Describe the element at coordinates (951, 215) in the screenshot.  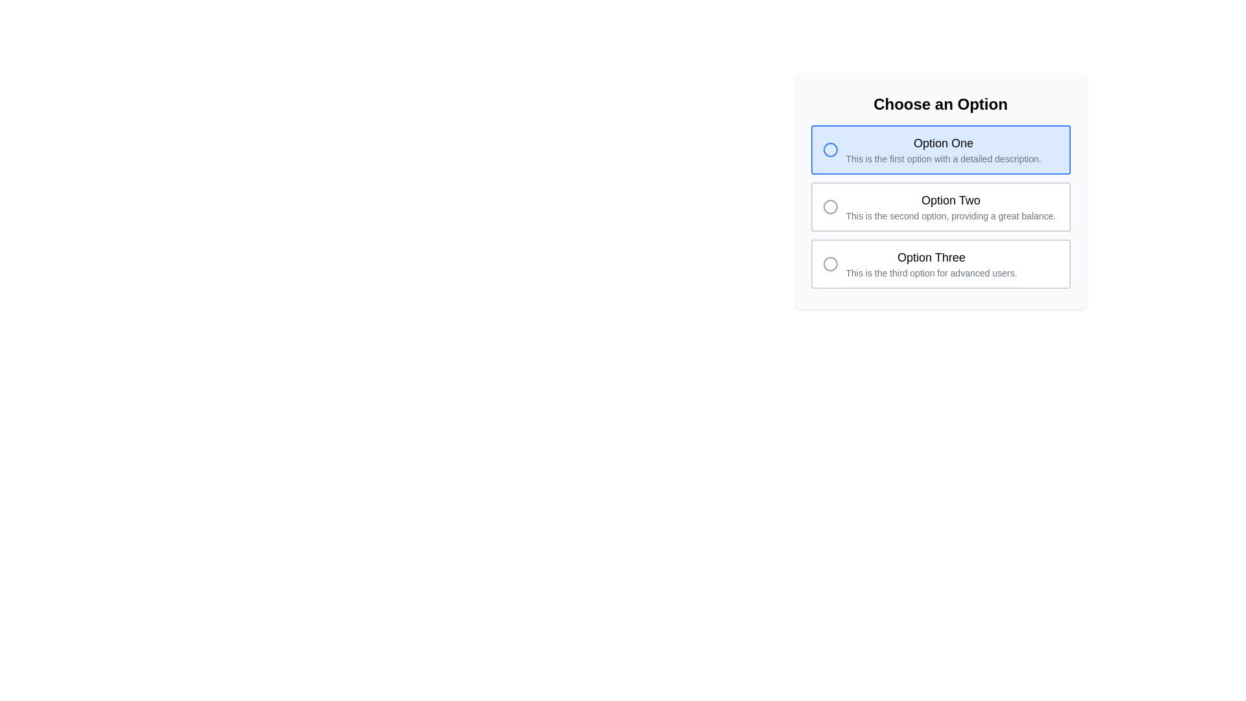
I see `the text label reading 'This is the second option, providing a great balance.' located below the title 'Option Two'` at that location.